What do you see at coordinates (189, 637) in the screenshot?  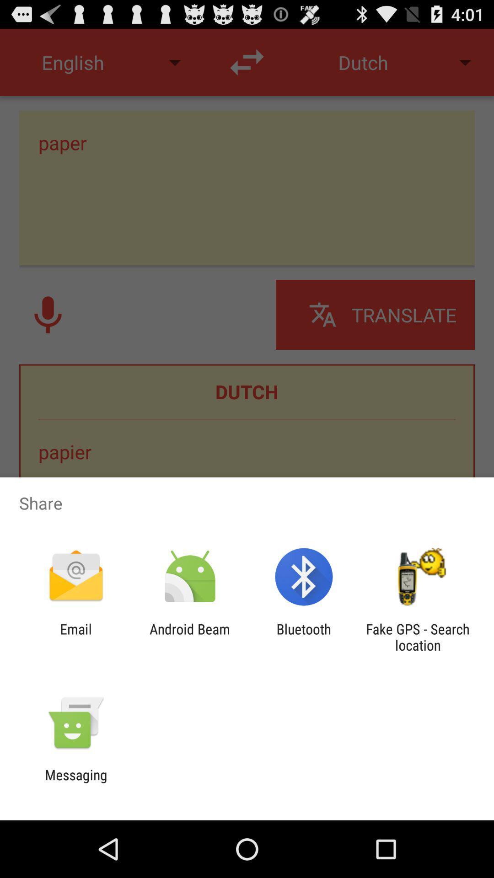 I see `android beam app` at bounding box center [189, 637].